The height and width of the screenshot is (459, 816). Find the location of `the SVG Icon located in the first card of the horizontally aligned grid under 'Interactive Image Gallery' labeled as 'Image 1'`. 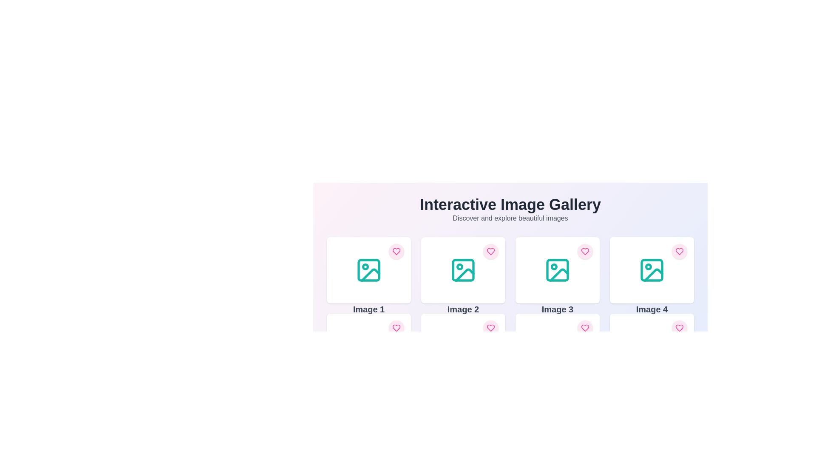

the SVG Icon located in the first card of the horizontally aligned grid under 'Interactive Image Gallery' labeled as 'Image 1' is located at coordinates (369, 270).